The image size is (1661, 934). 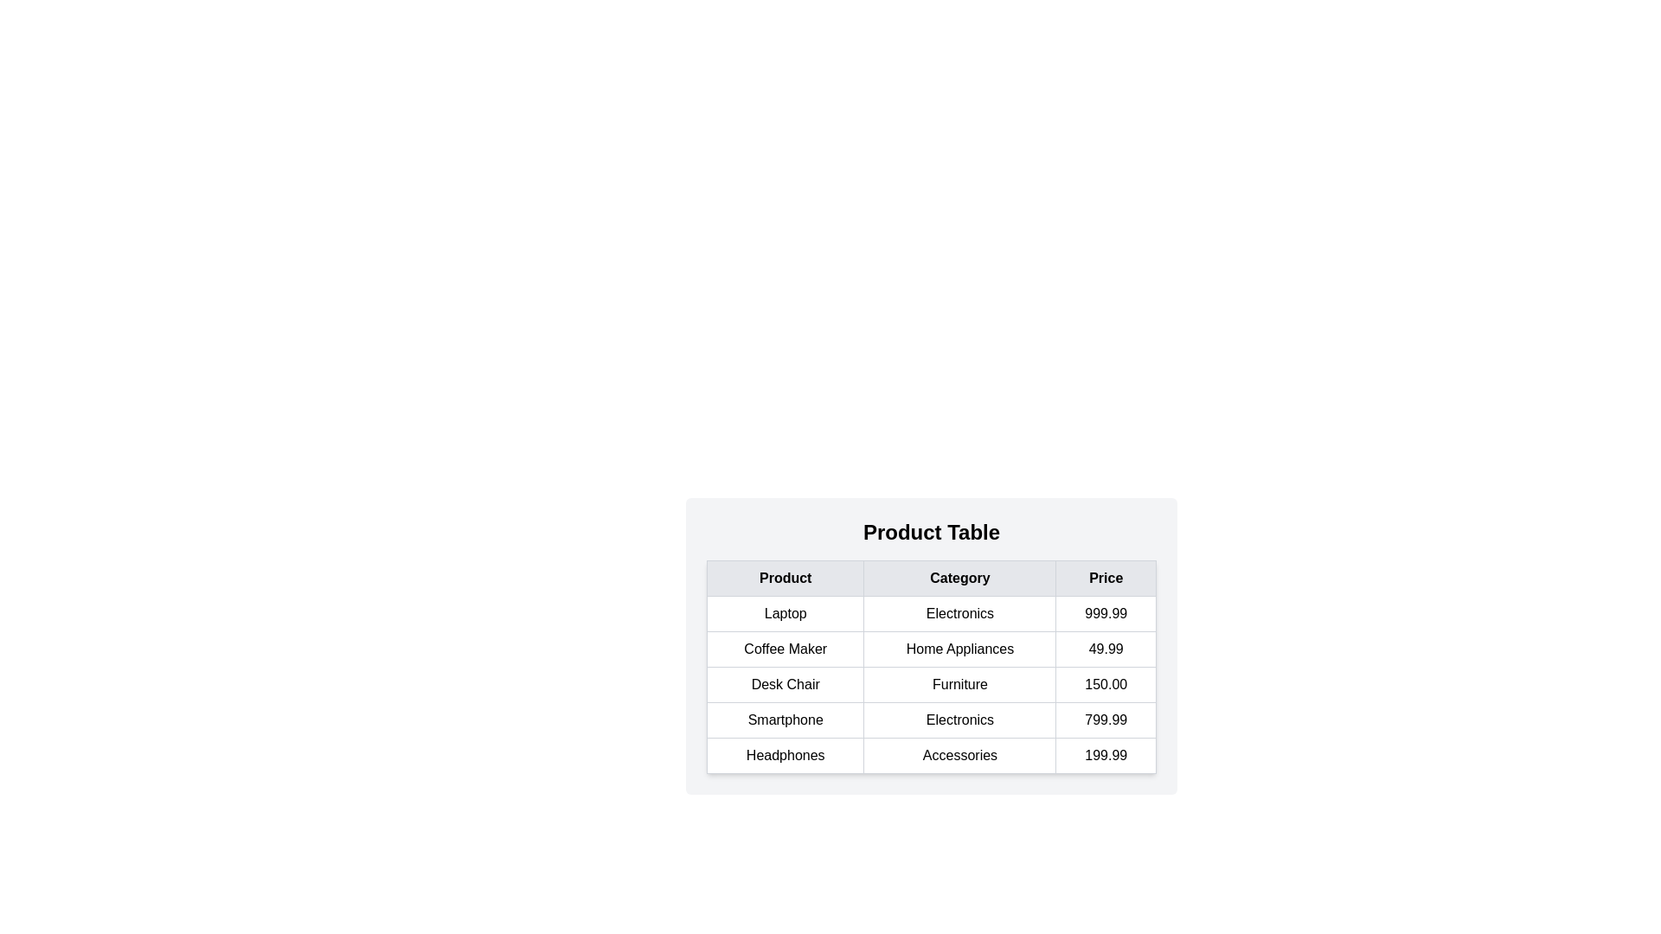 I want to click on the table header row element containing the cells labeled 'Product', 'Category', and 'Price', which is the top-most row of a centrally positioned table with a light gray background, so click(x=930, y=578).